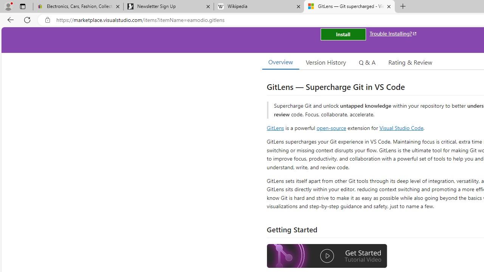 The image size is (484, 272). Describe the element at coordinates (47, 20) in the screenshot. I see `'View site information'` at that location.